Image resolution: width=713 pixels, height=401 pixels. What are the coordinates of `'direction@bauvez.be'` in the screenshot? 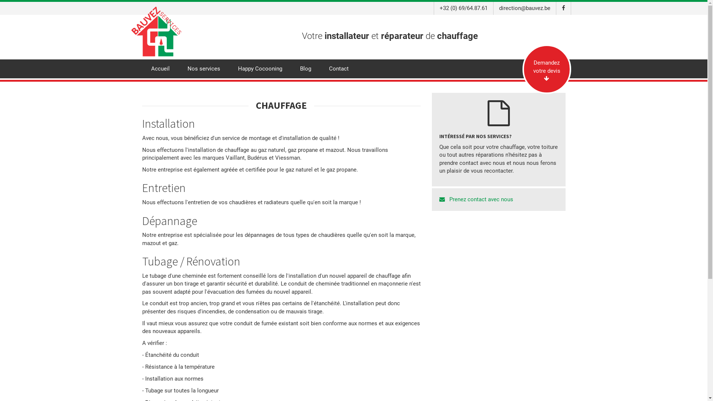 It's located at (524, 8).